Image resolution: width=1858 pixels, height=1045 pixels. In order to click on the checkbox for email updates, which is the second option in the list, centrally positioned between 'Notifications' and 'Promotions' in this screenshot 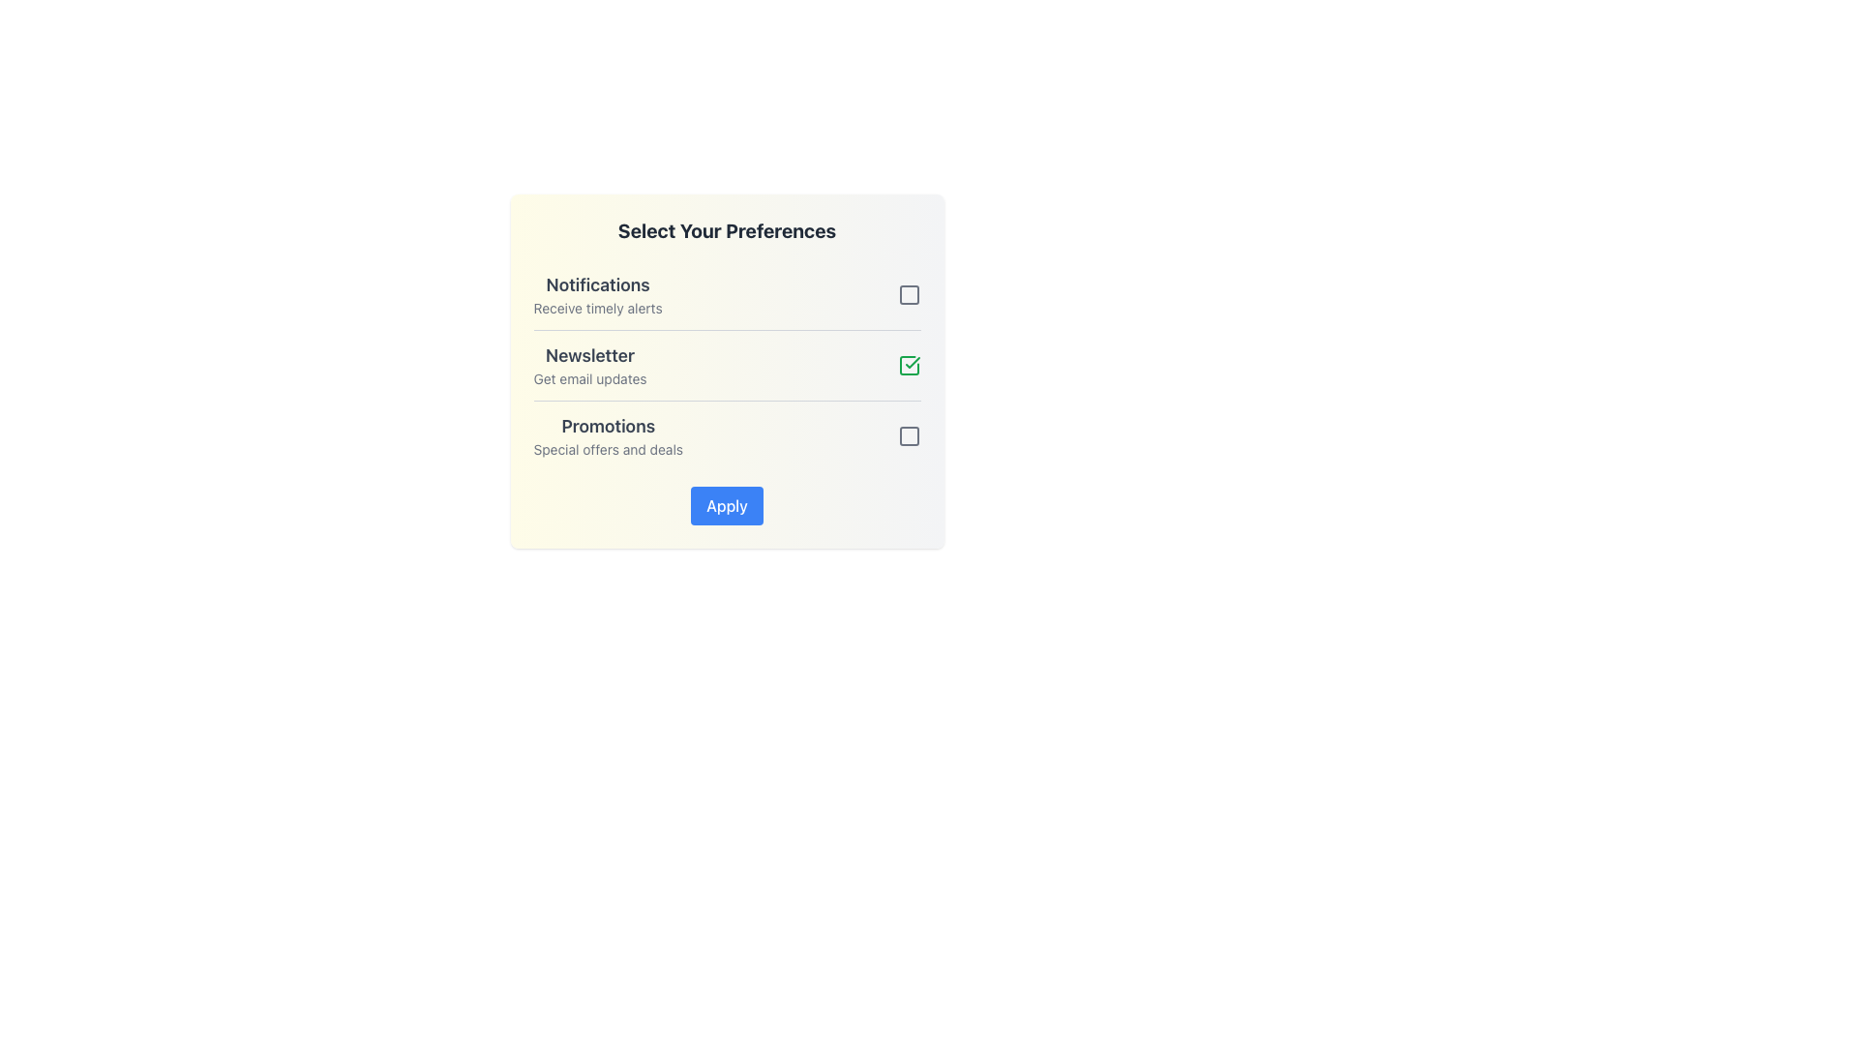, I will do `click(726, 365)`.